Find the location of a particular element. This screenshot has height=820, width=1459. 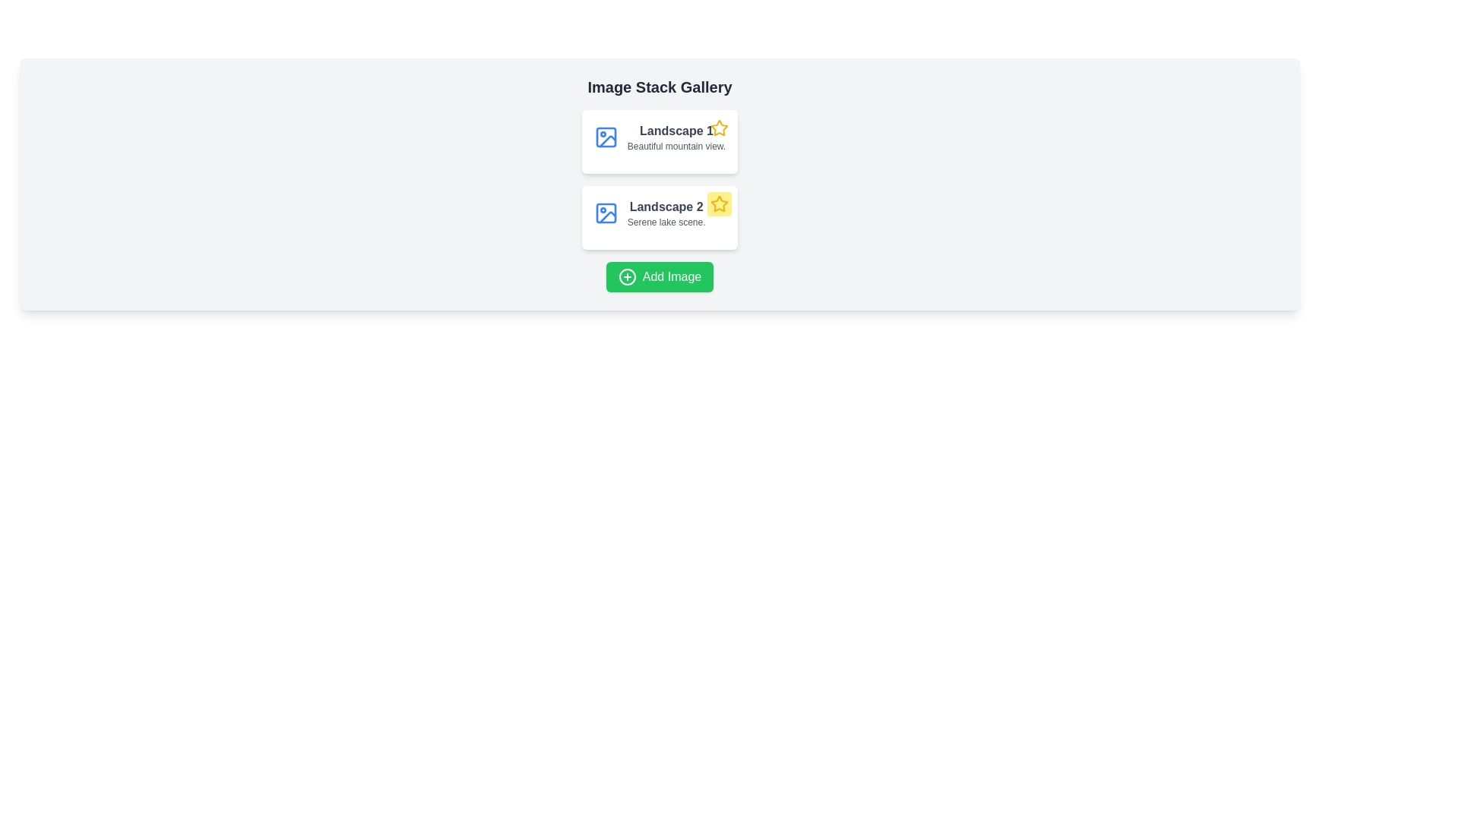

the 'Add New Image' button located at the bottom-center of the 'Image Stack Gallery' section for accessibility navigation is located at coordinates (660, 277).